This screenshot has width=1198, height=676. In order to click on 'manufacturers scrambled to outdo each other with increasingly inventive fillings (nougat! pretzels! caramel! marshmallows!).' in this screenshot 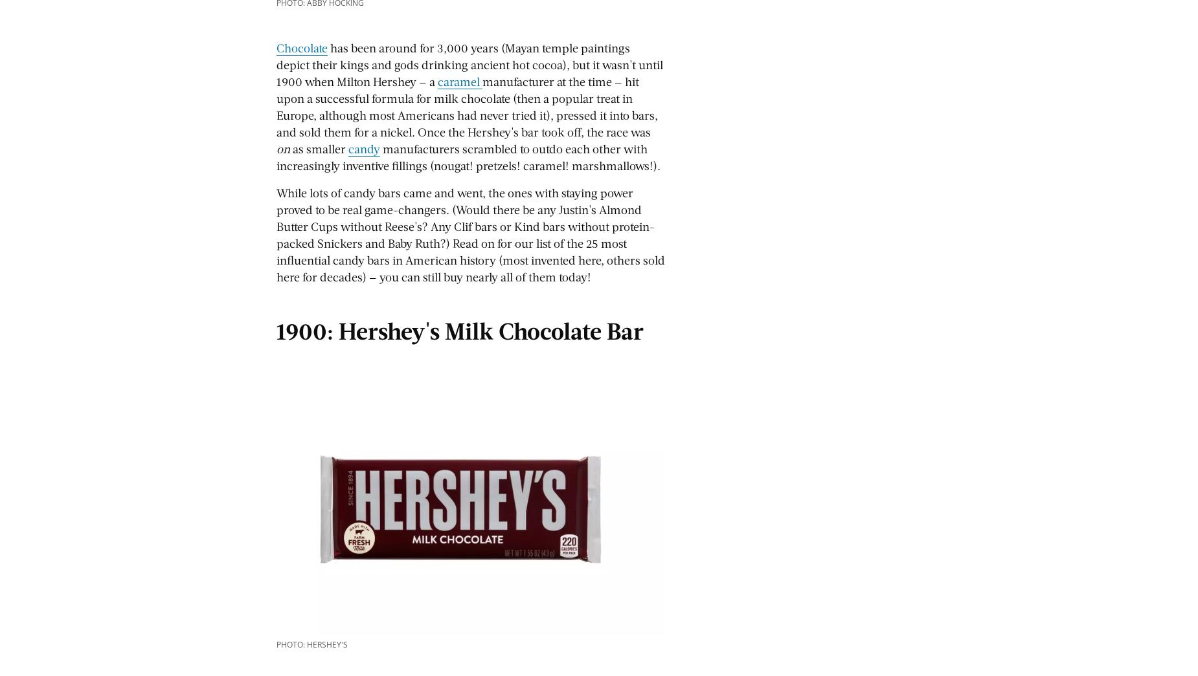, I will do `click(468, 156)`.